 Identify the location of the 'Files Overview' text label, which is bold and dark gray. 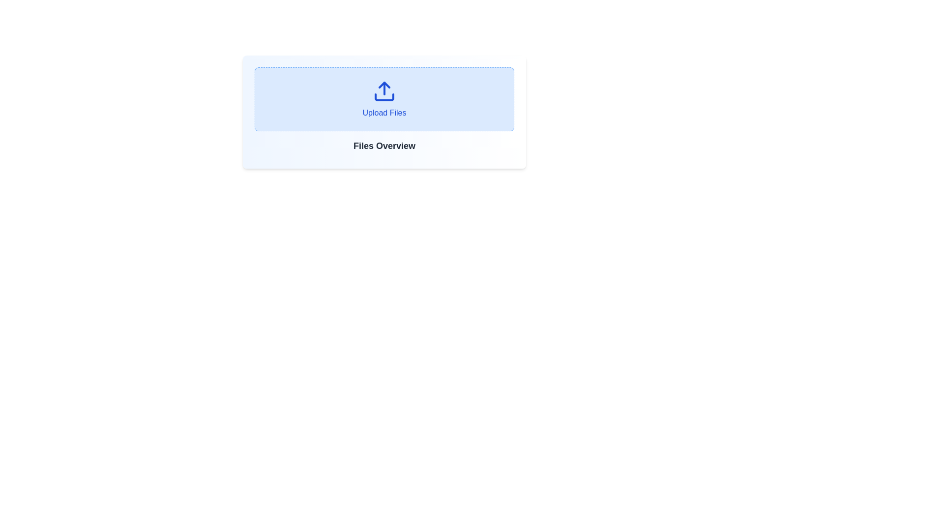
(384, 146).